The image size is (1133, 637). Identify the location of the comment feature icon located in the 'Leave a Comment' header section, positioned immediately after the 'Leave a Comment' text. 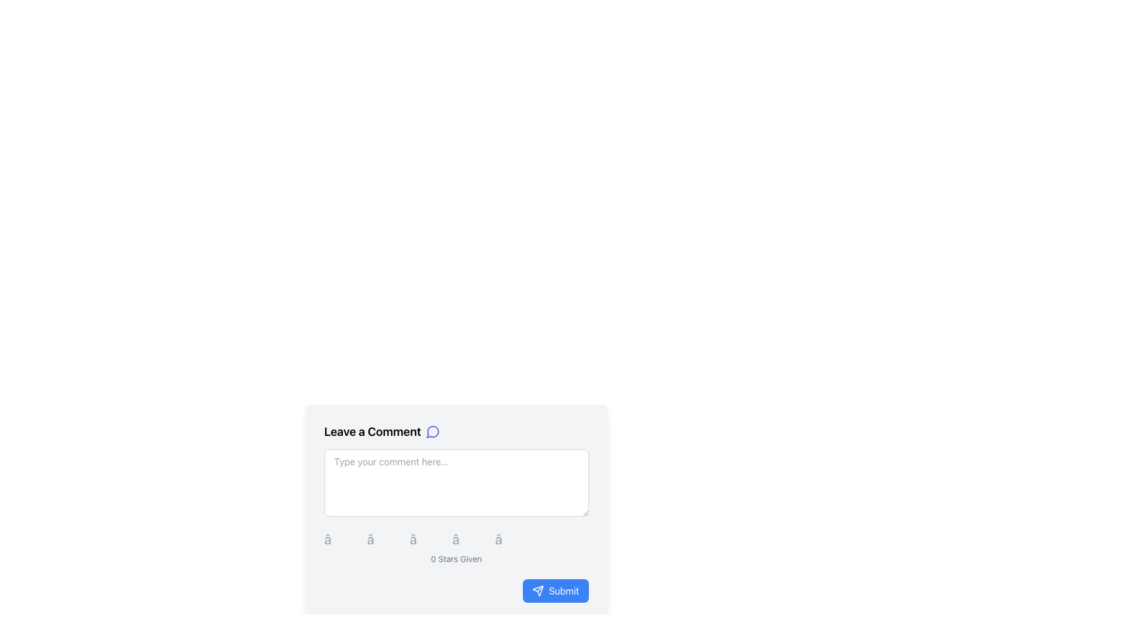
(432, 432).